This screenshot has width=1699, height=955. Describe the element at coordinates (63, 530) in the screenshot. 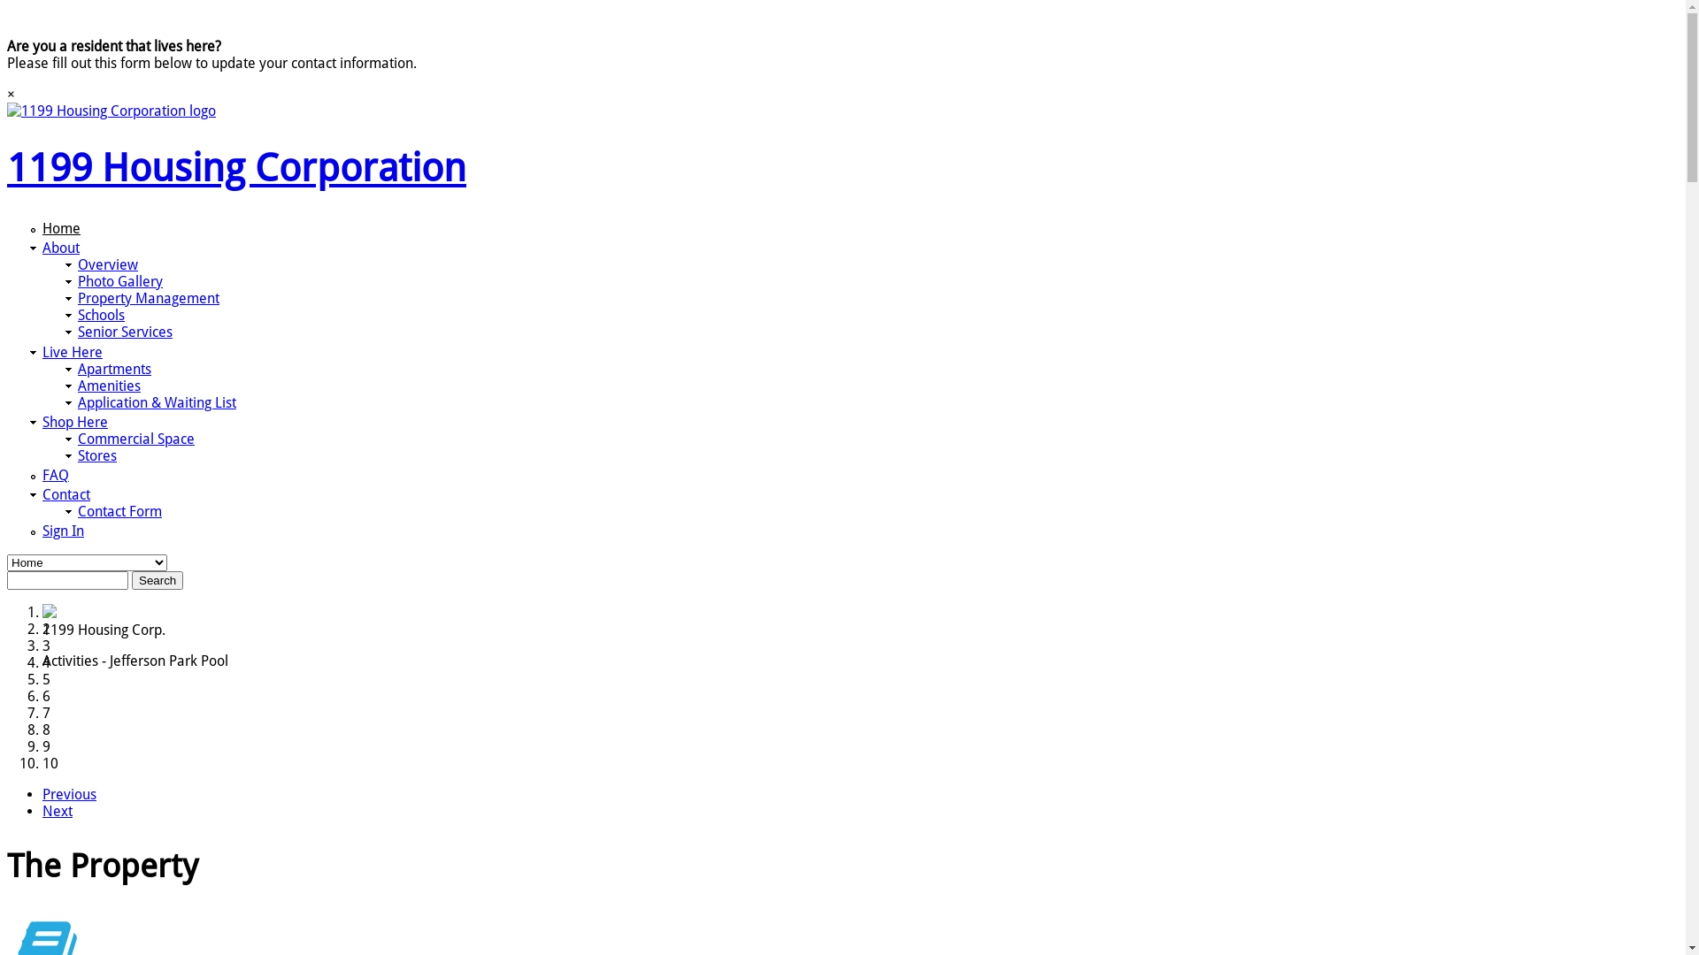

I see `'Sign In'` at that location.